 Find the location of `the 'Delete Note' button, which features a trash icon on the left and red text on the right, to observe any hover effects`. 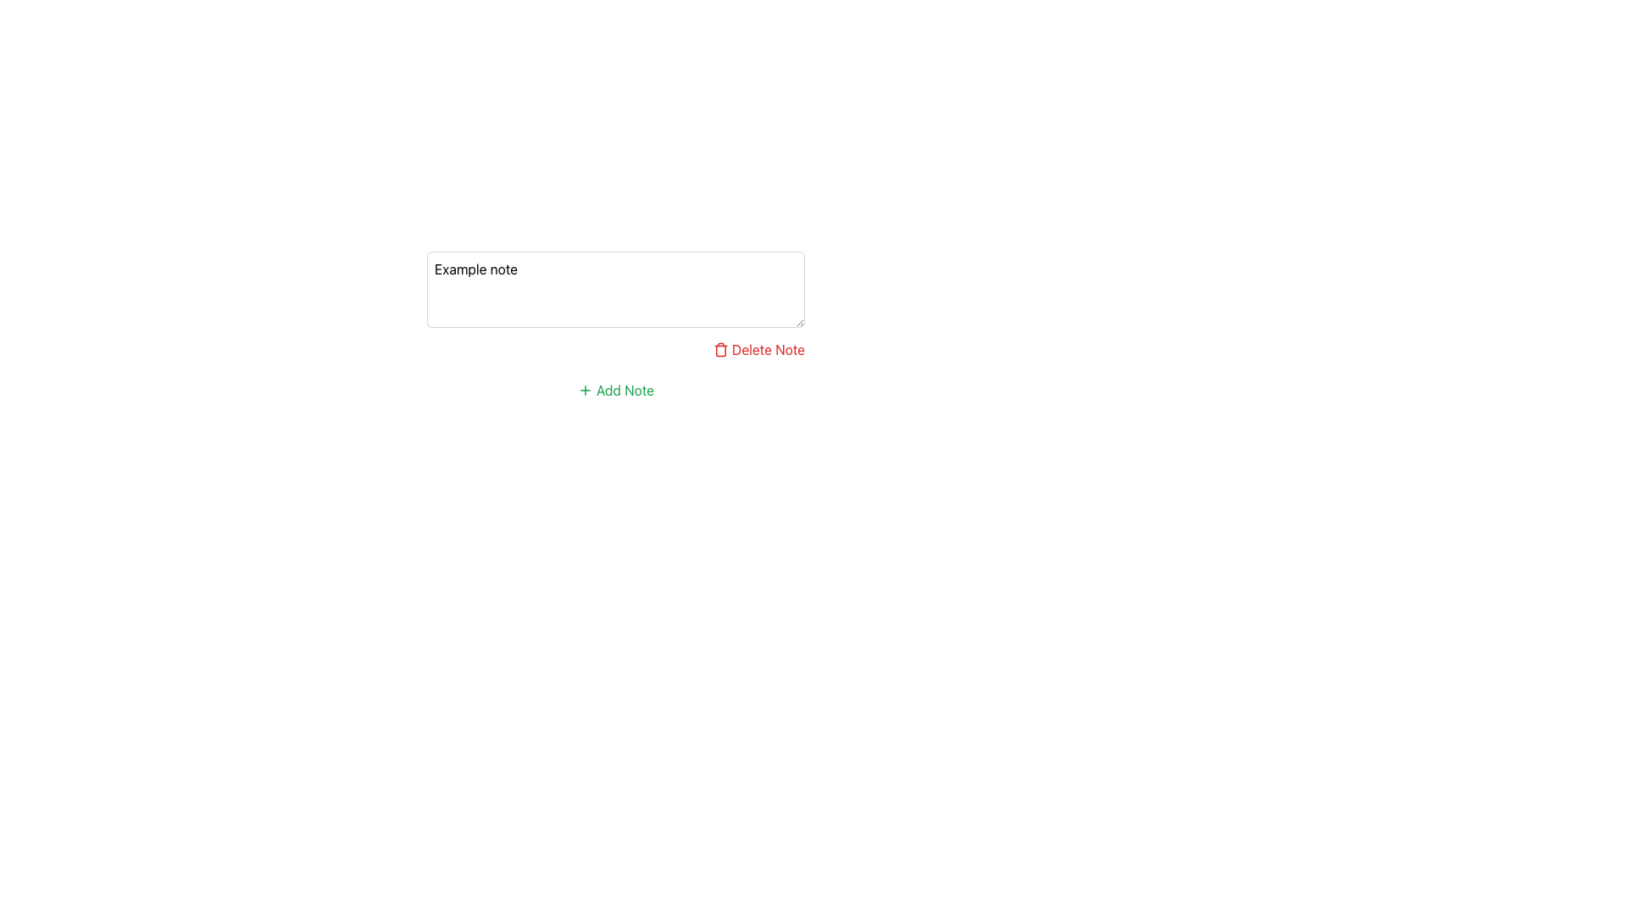

the 'Delete Note' button, which features a trash icon on the left and red text on the right, to observe any hover effects is located at coordinates (758, 348).